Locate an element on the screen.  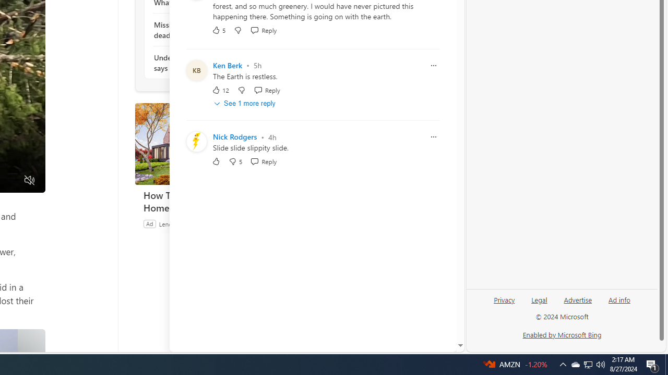
'Profile Picture' is located at coordinates (196, 142).